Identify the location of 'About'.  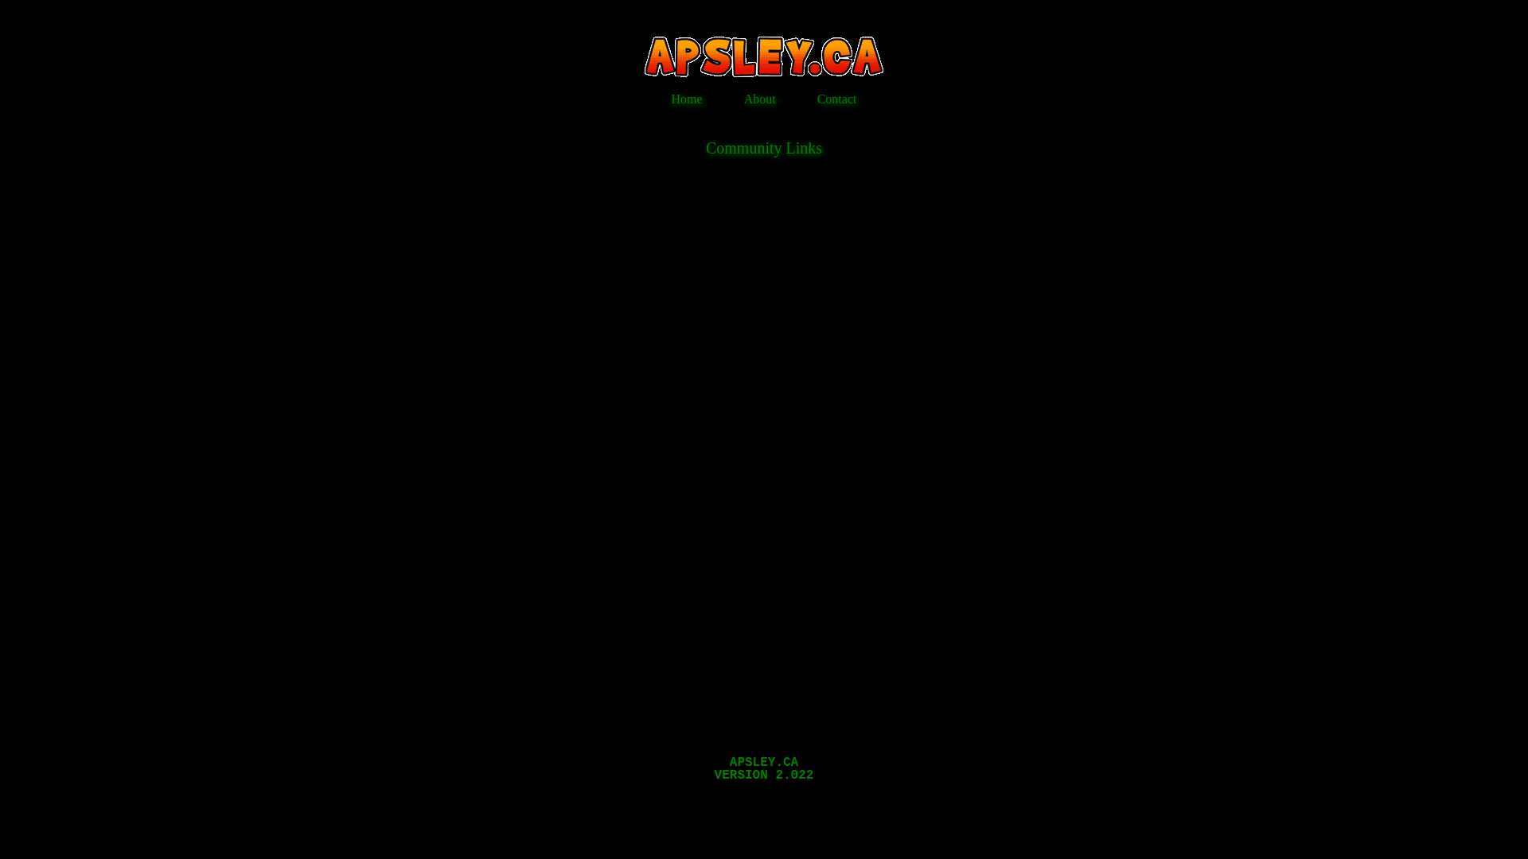
(759, 99).